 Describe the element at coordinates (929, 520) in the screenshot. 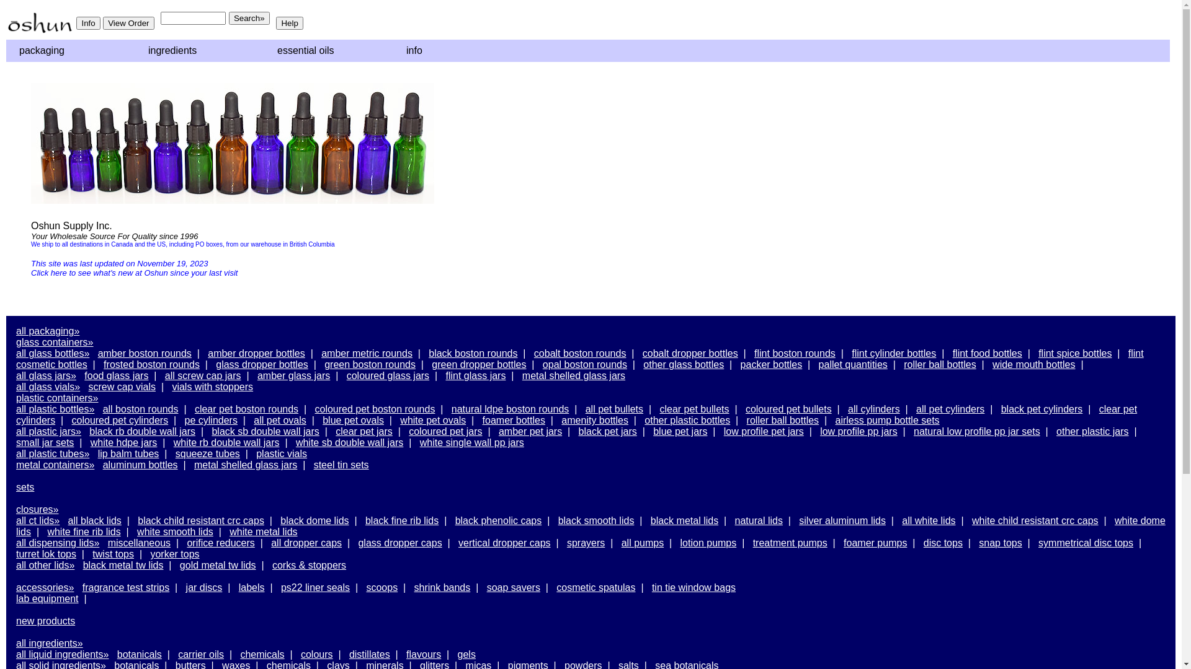

I see `'all white lids'` at that location.